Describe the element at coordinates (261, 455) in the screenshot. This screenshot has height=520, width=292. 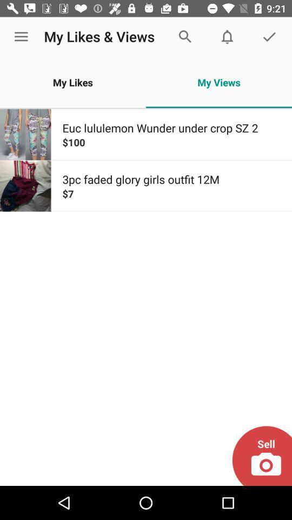
I see `sell item` at that location.